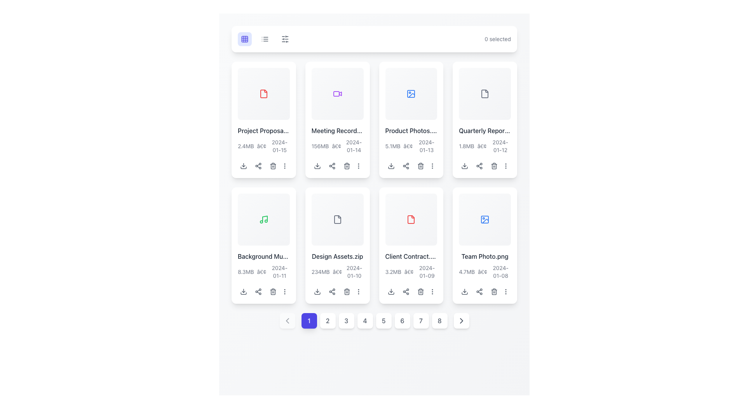  Describe the element at coordinates (408, 271) in the screenshot. I see `the bullet point symbol, which visually separates the file size '3.2MB' from the date '2024-01-09' in the file details display` at that location.